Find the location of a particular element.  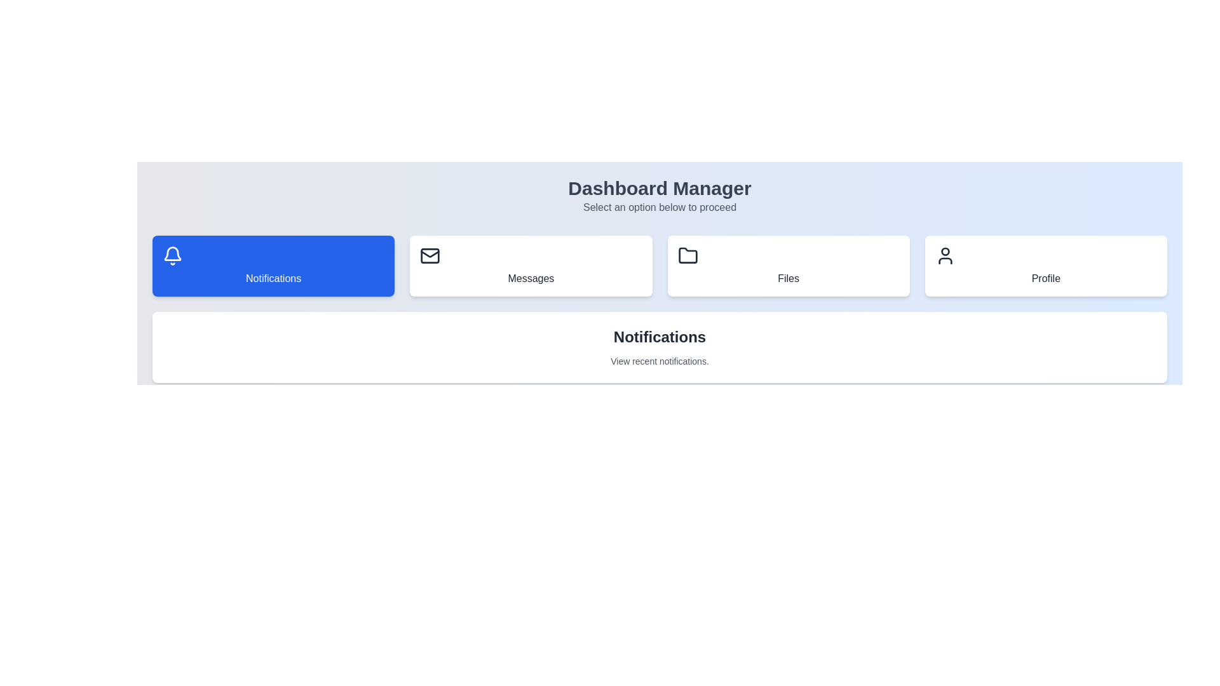

the notification bell icon located above the label text of the blue 'Notifications' button in the top-left section of the interface is located at coordinates (172, 253).